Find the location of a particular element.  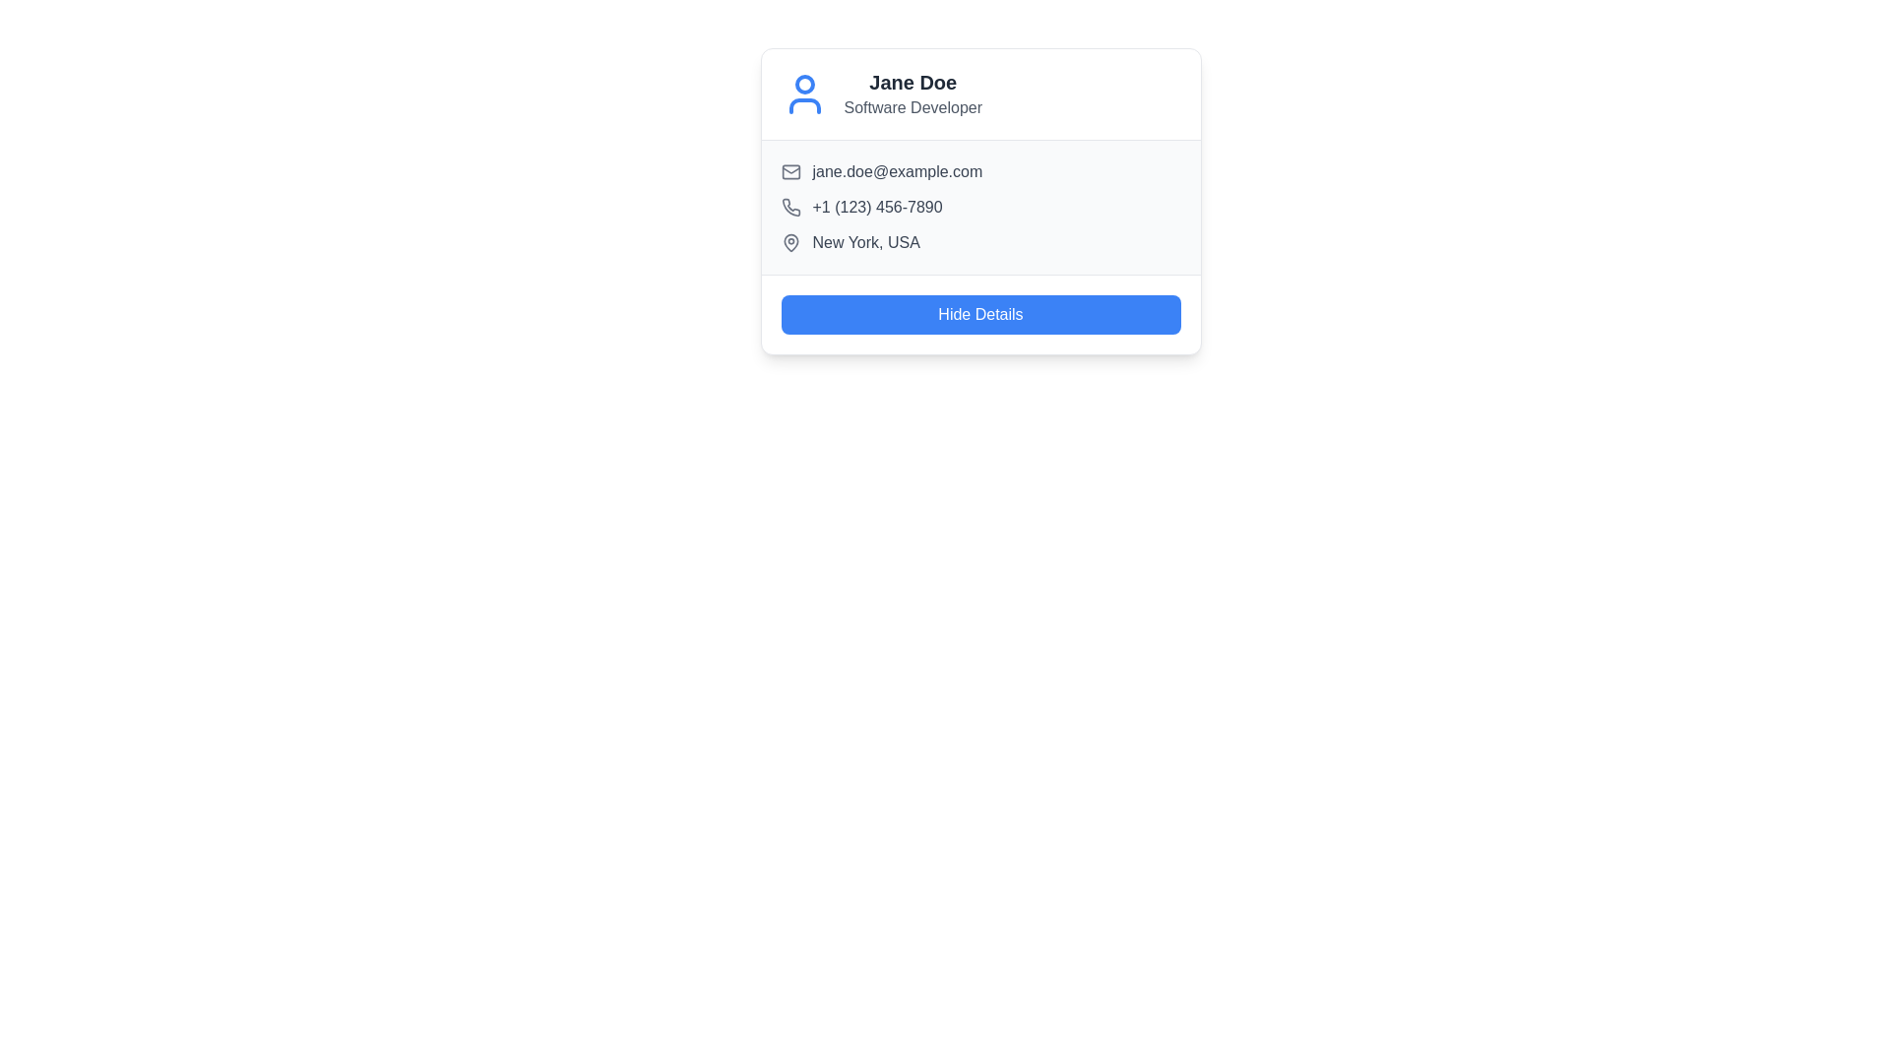

the telephone handset icon located in the center-left part of the contact card layout is located at coordinates (790, 207).